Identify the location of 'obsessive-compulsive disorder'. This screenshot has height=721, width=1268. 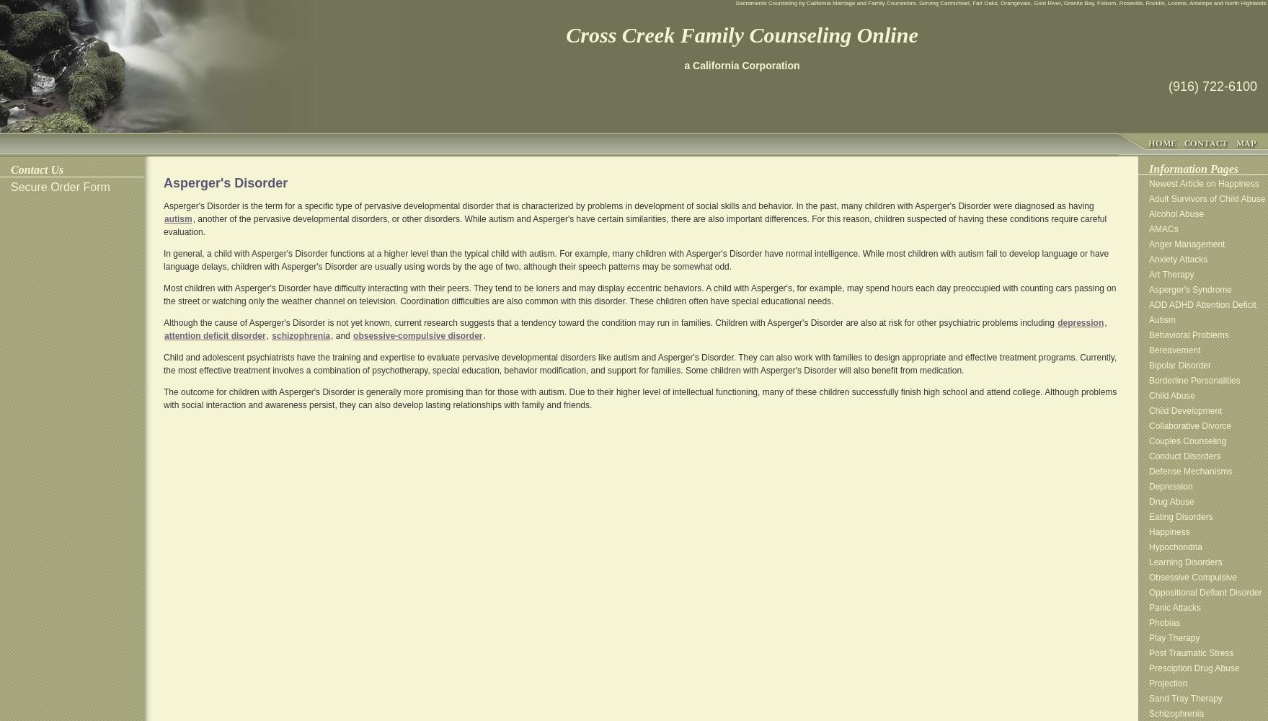
(417, 335).